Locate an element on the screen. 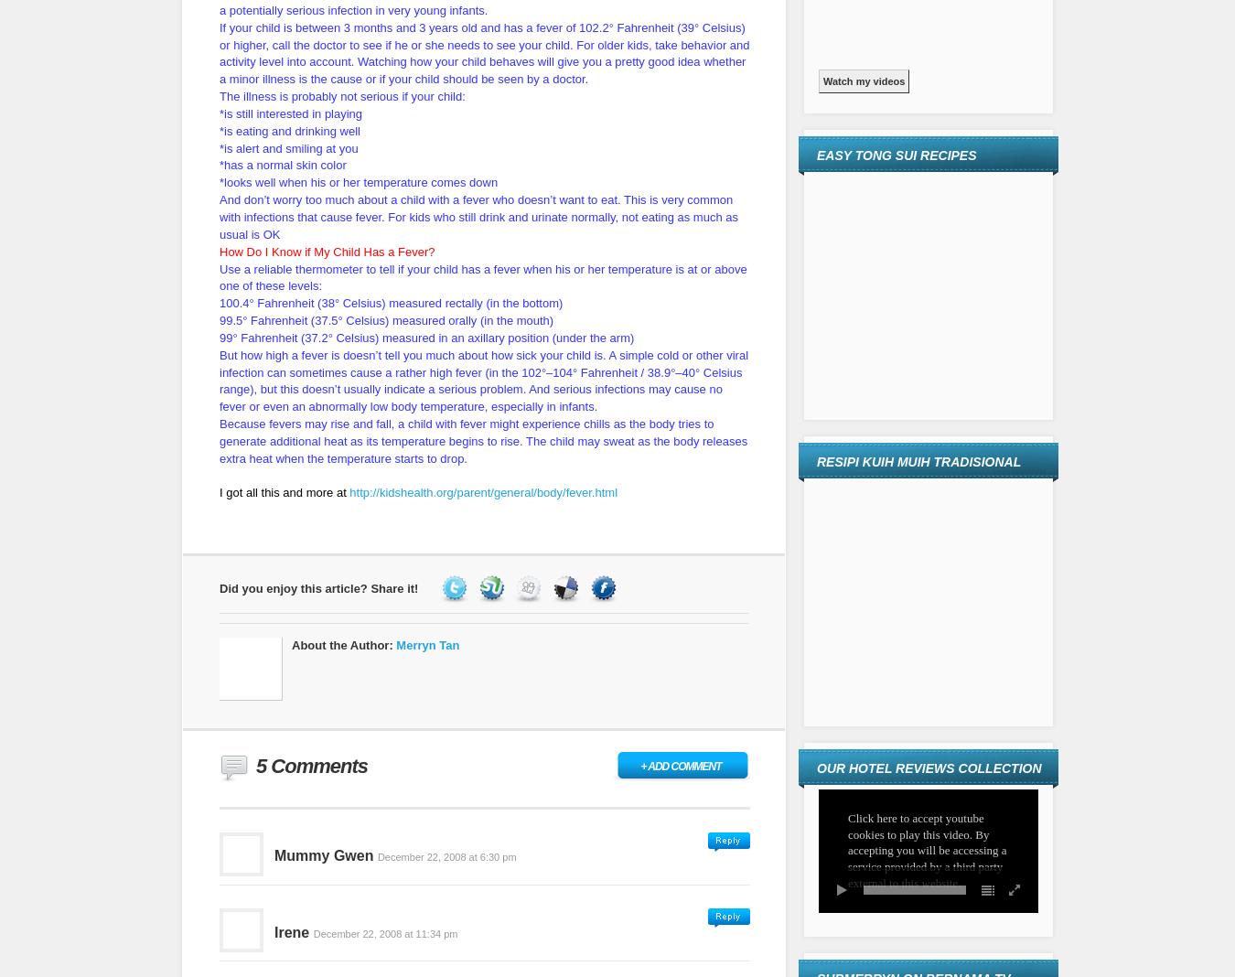 The image size is (1235, 977). '*looks well when his or her temperature comes down' is located at coordinates (359, 182).